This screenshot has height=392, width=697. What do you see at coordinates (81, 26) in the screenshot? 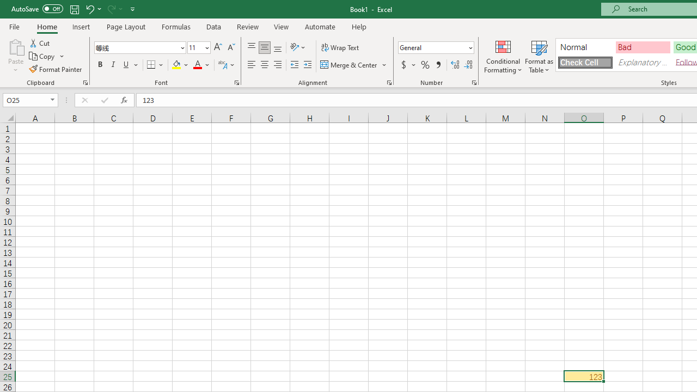
I see `'Insert'` at bounding box center [81, 26].